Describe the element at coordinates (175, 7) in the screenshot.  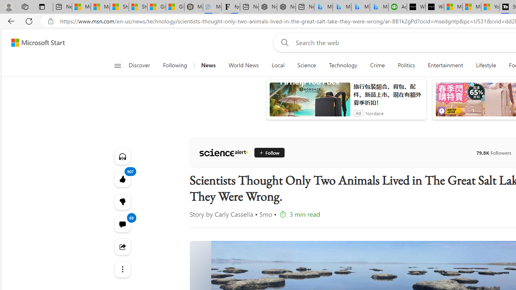
I see `'Gilma and Hector both pose tropical trouble for Hawaii'` at that location.